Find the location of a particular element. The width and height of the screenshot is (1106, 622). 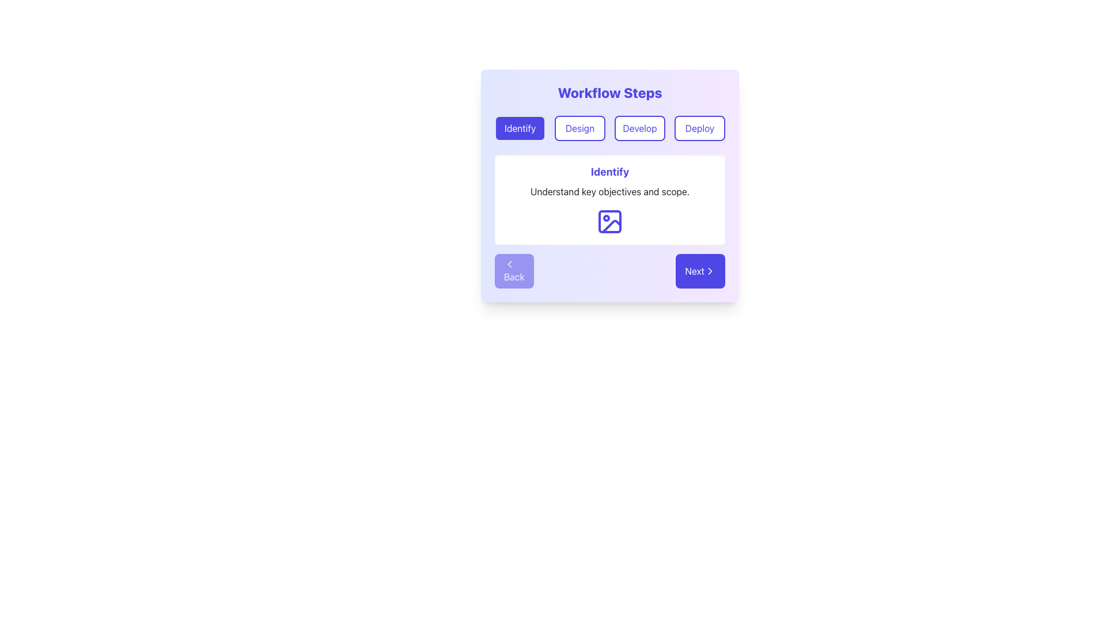

the second button in the horizontal sequence is located at coordinates (580, 128).